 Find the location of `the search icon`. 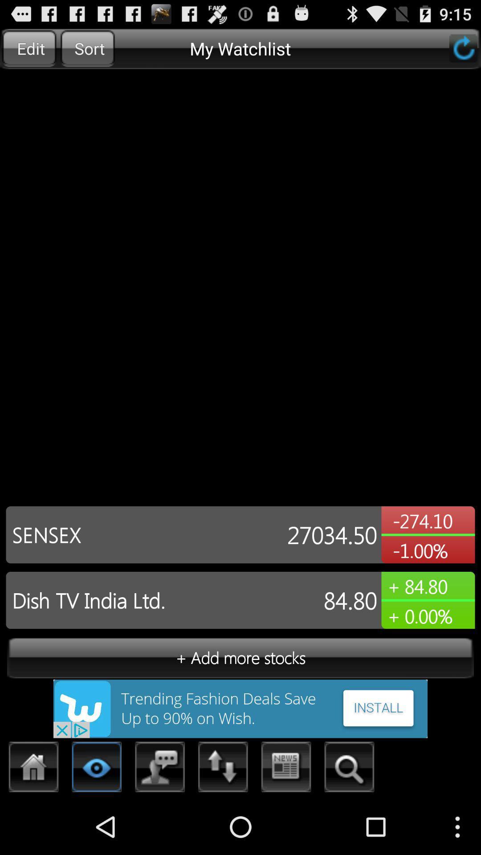

the search icon is located at coordinates (349, 823).